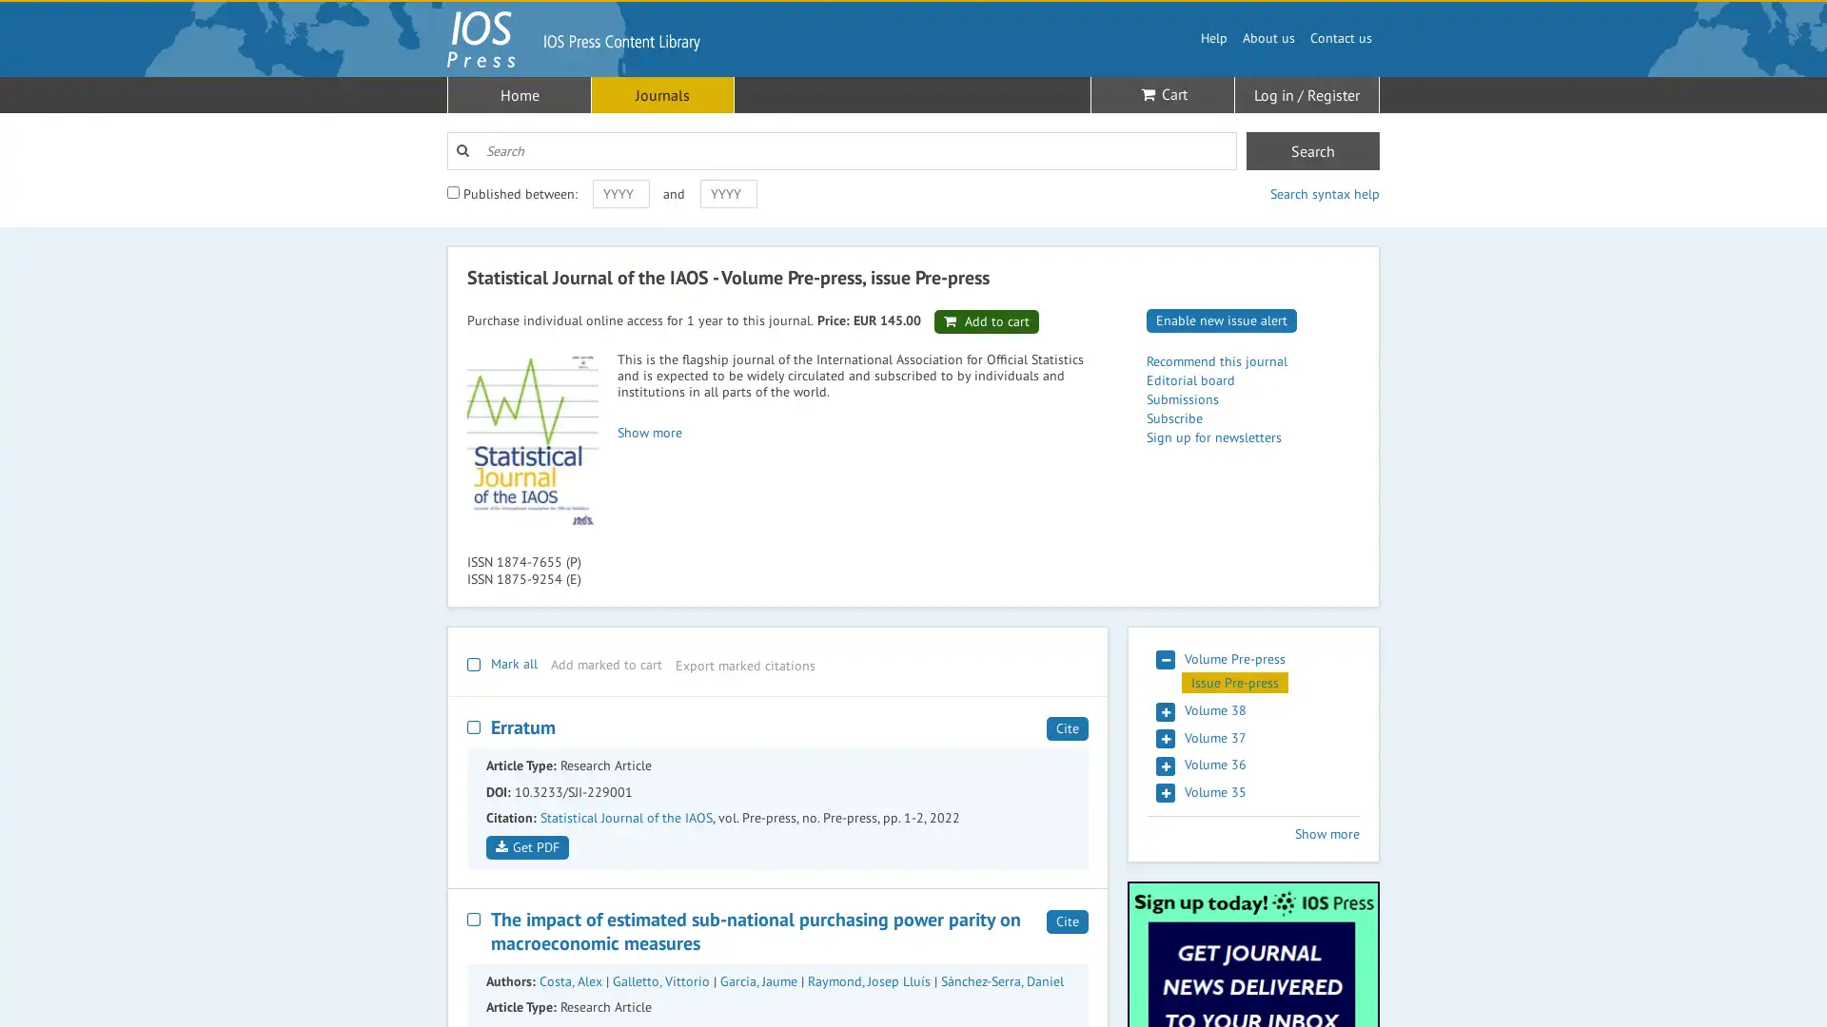 Image resolution: width=1827 pixels, height=1027 pixels. I want to click on Cart, so click(1161, 94).